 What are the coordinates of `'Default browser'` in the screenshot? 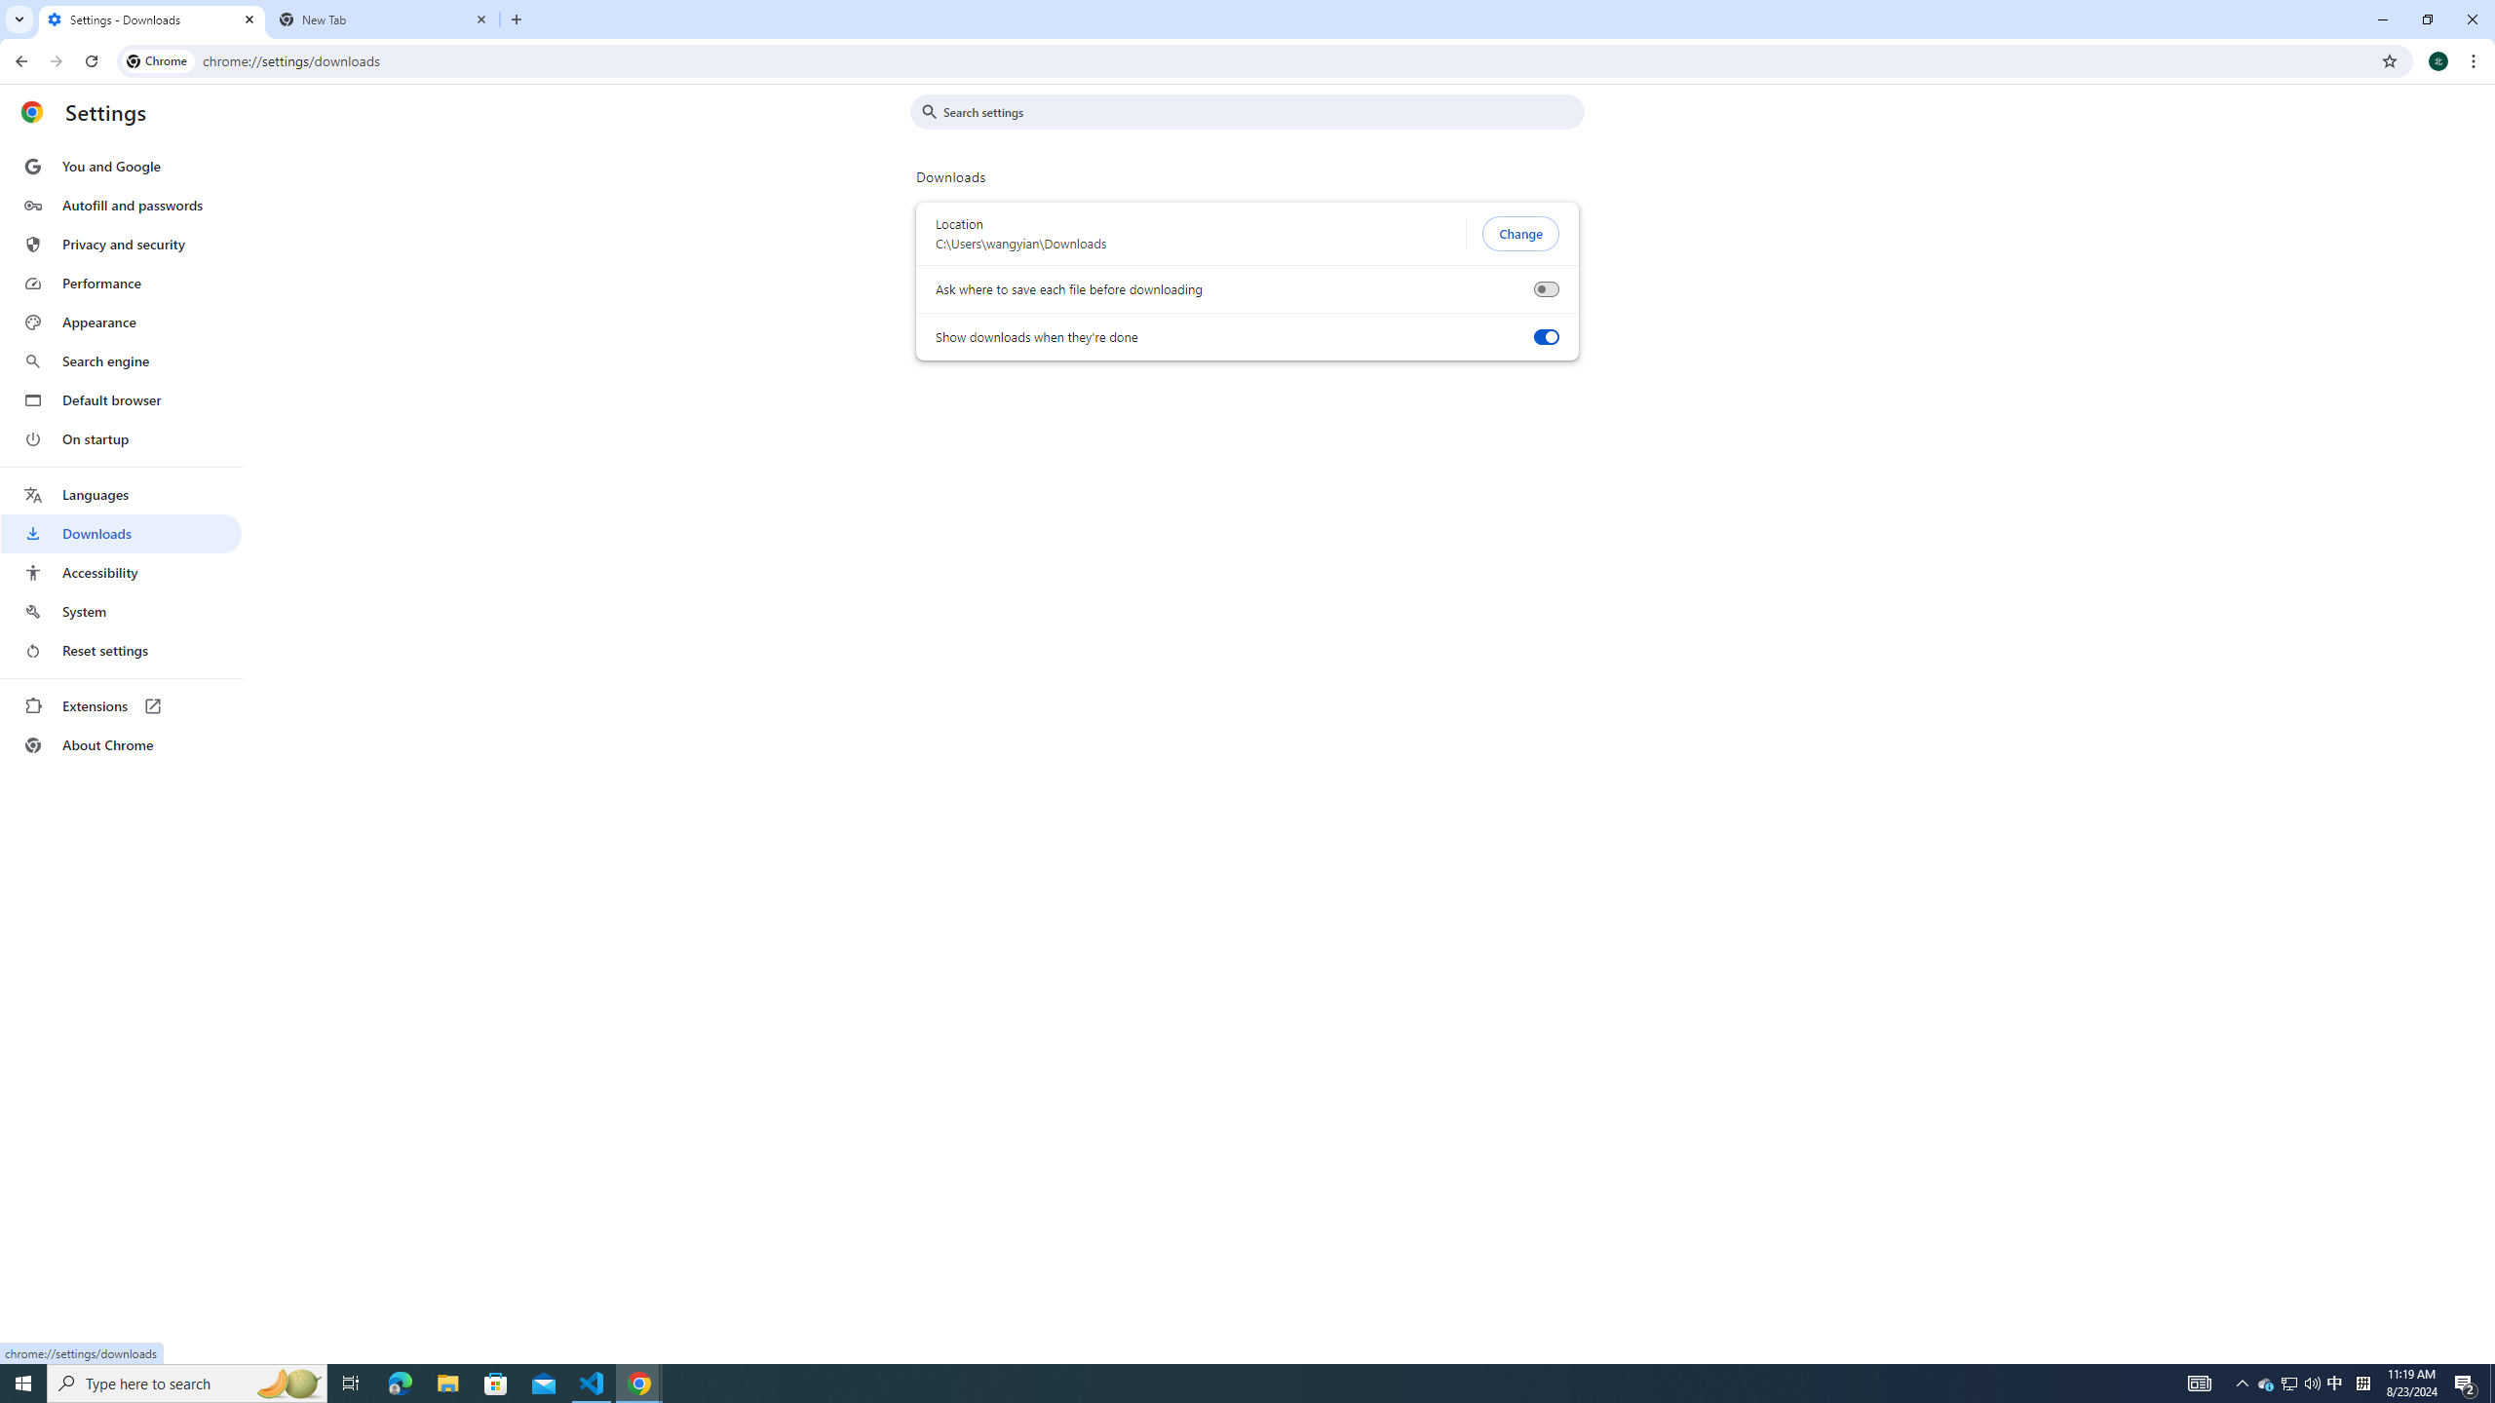 It's located at (120, 399).